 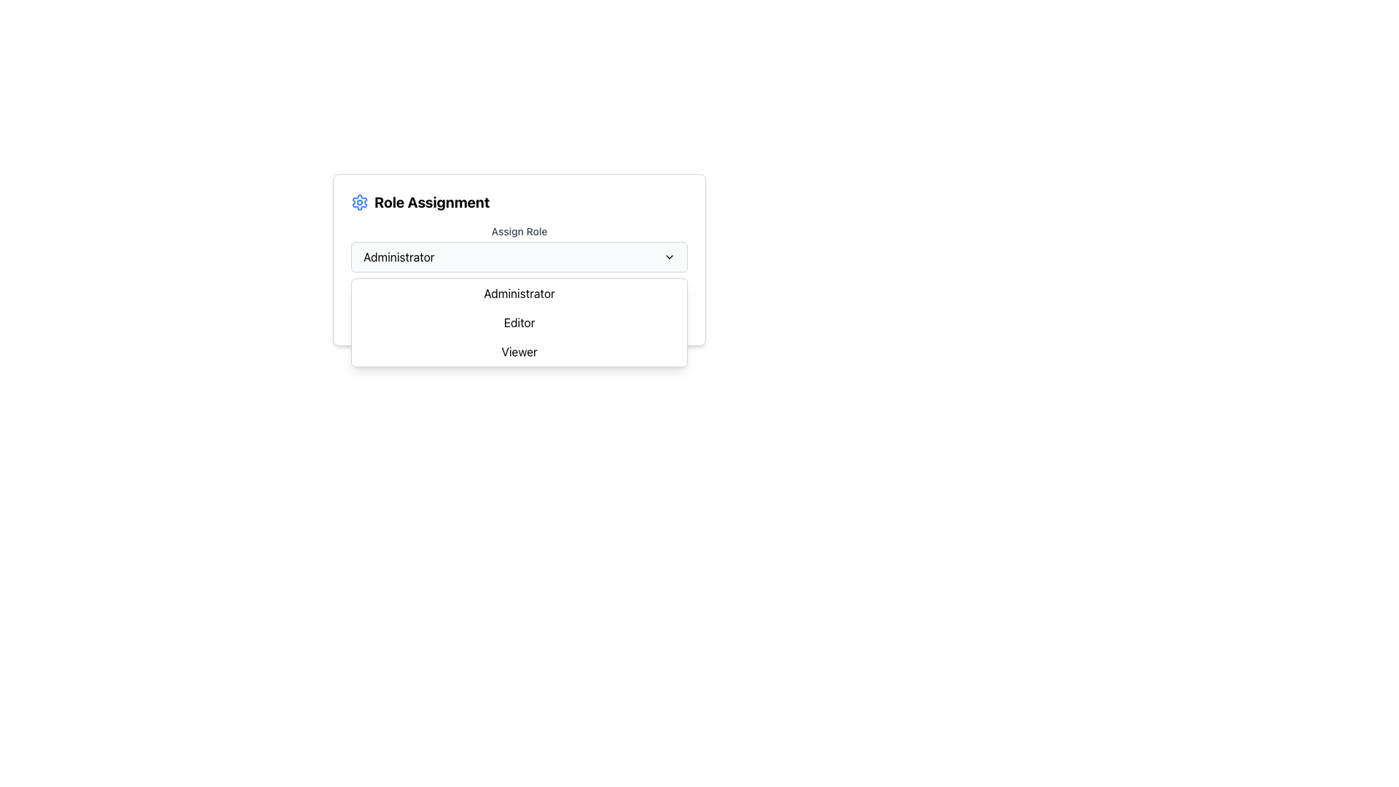 What do you see at coordinates (520, 293) in the screenshot?
I see `to select the 'Administrator' option from the dropdown menu, which is the first item displayed in bold sans-serif font on a white background` at bounding box center [520, 293].